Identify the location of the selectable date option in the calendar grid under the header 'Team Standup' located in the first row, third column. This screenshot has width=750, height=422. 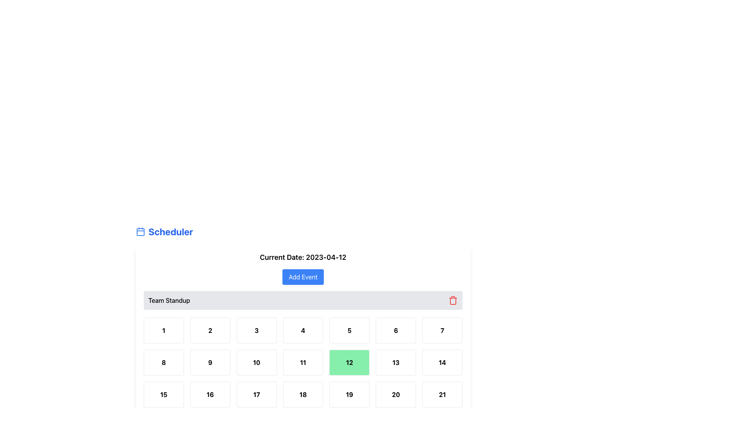
(257, 330).